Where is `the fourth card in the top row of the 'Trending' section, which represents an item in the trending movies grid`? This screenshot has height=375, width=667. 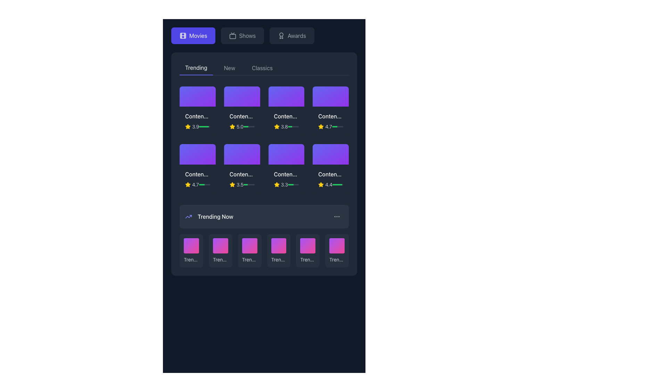 the fourth card in the top row of the 'Trending' section, which represents an item in the trending movies grid is located at coordinates (330, 111).